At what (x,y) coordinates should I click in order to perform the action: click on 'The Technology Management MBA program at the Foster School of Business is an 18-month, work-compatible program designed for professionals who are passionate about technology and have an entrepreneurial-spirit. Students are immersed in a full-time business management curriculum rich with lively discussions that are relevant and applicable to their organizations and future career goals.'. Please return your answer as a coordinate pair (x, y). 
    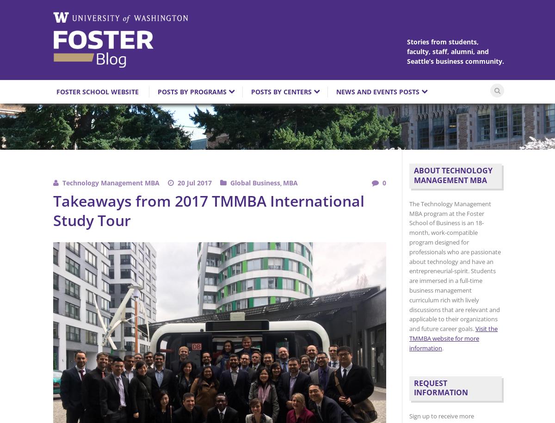
    Looking at the image, I should click on (409, 265).